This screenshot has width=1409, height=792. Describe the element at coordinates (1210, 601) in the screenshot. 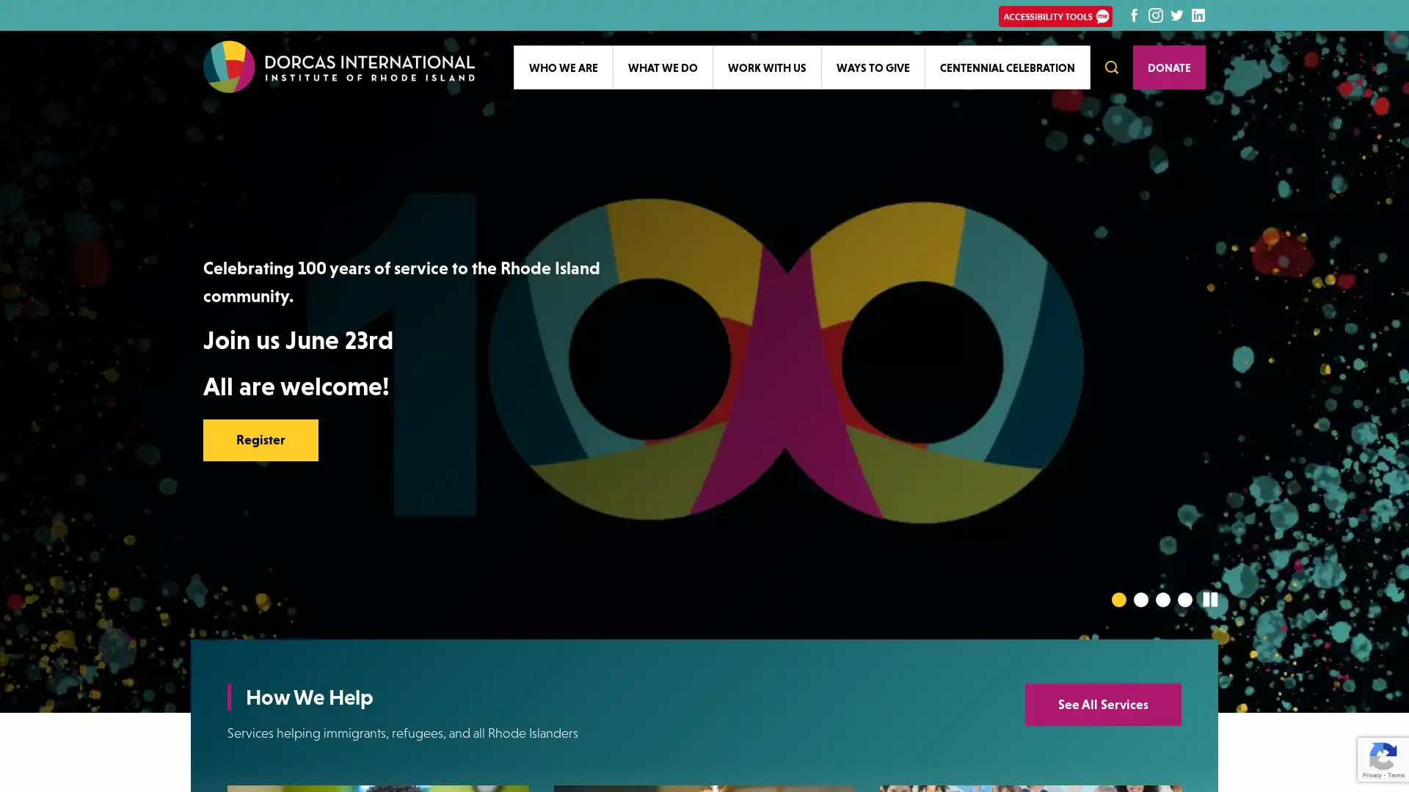

I see `Pause` at that location.